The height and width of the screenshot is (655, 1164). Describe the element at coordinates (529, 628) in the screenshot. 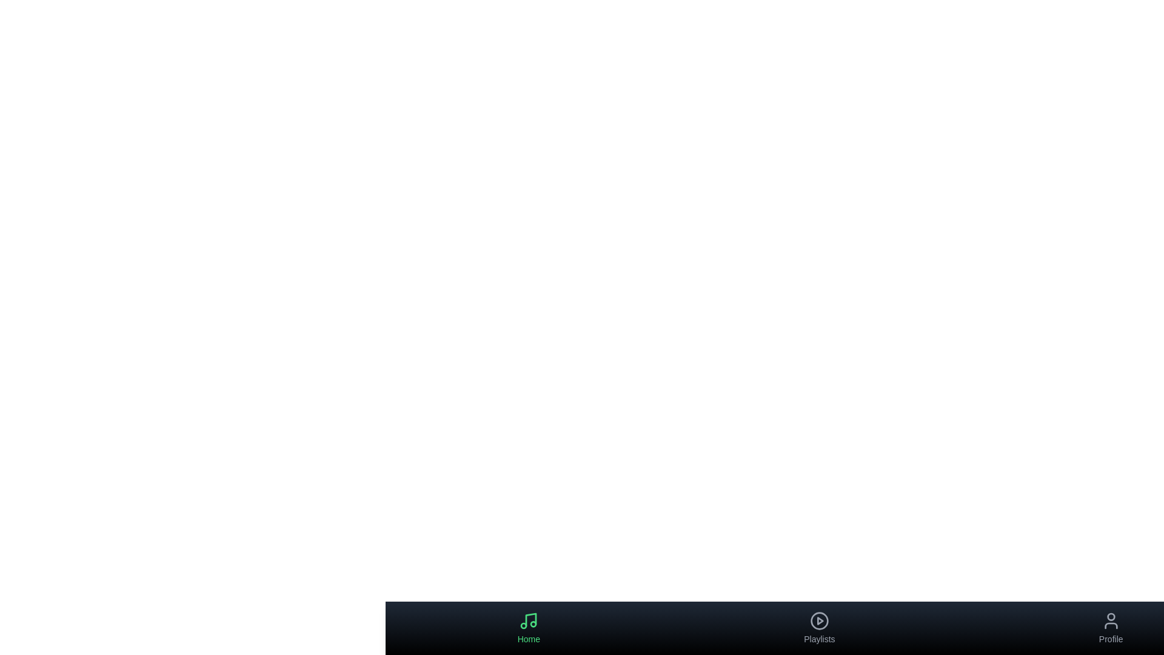

I see `the Home tab to navigate to its section` at that location.